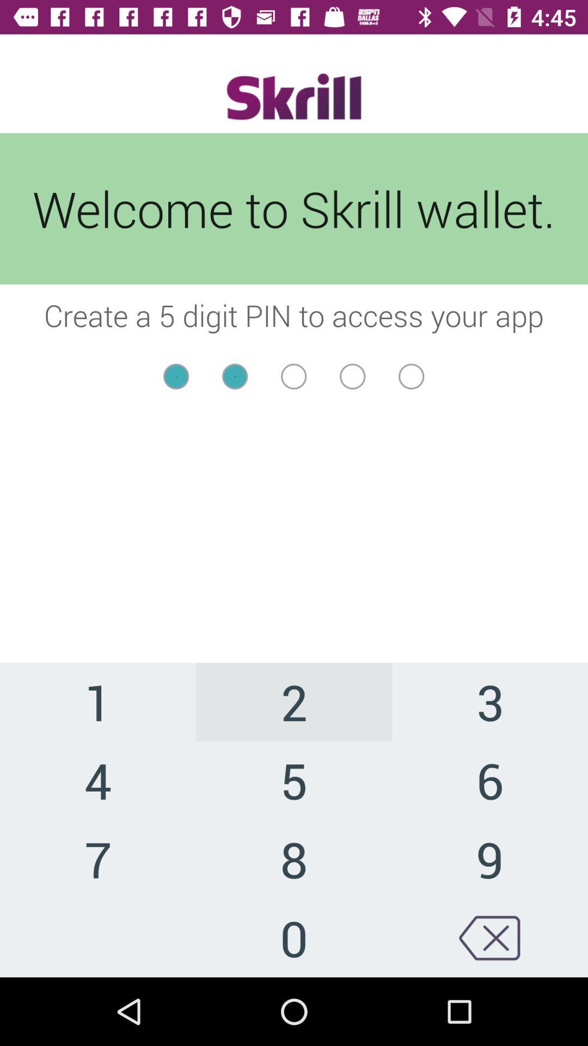 This screenshot has height=1046, width=588. I want to click on click backspace, so click(489, 937).